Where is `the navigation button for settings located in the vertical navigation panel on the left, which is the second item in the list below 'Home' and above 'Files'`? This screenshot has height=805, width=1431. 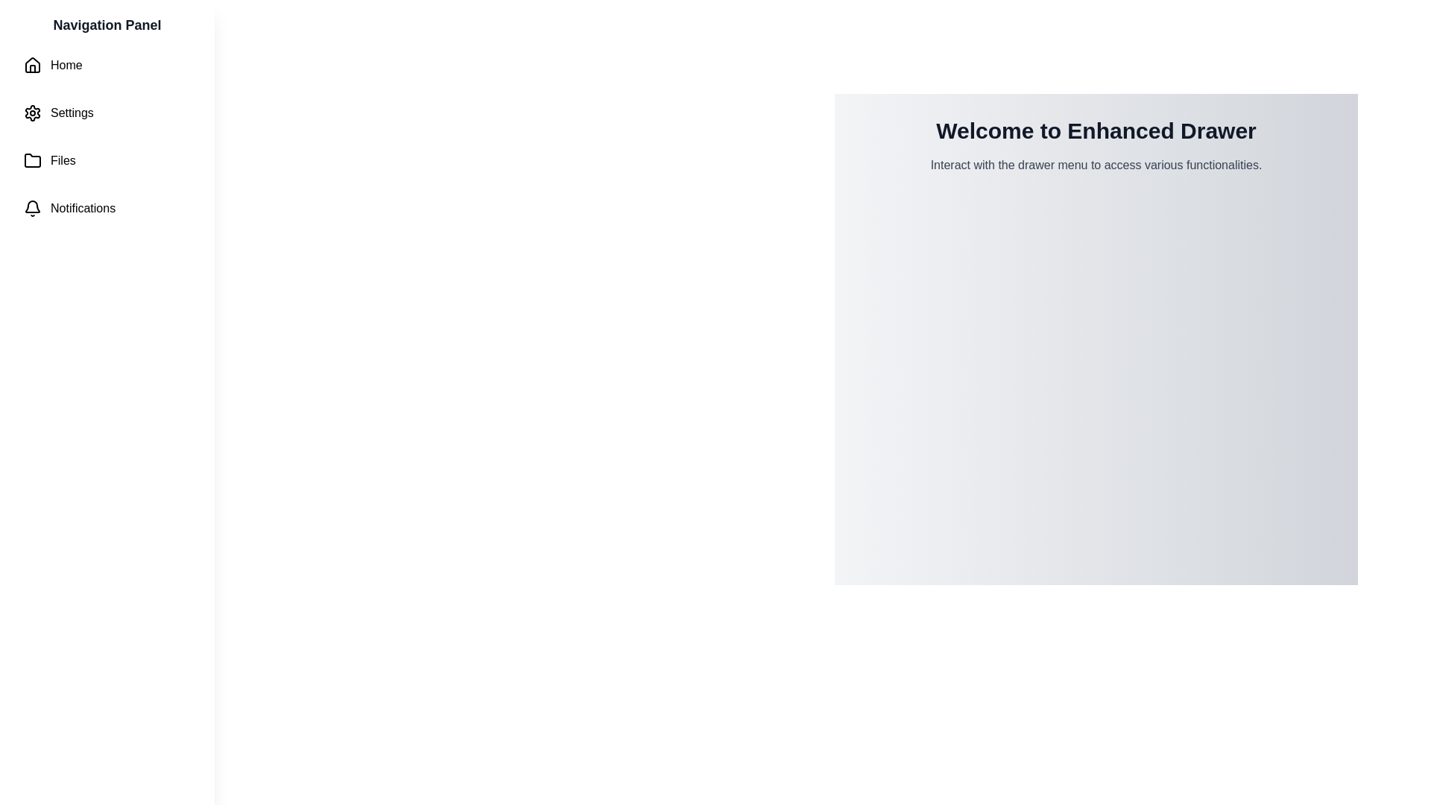
the navigation button for settings located in the vertical navigation panel on the left, which is the second item in the list below 'Home' and above 'Files' is located at coordinates (107, 112).